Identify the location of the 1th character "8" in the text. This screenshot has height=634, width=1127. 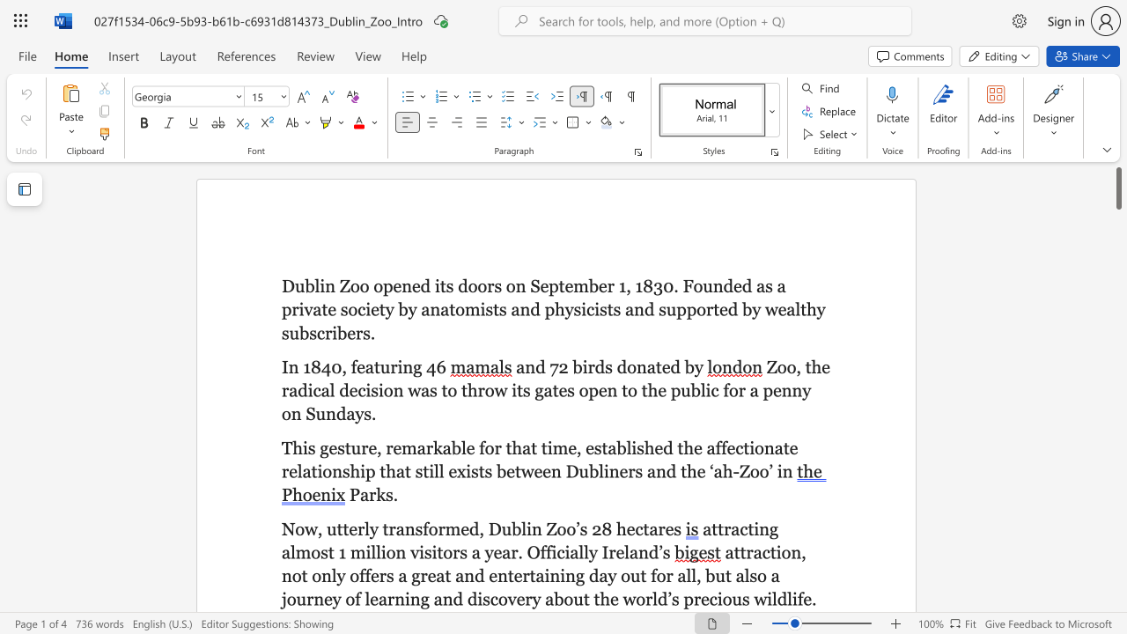
(607, 527).